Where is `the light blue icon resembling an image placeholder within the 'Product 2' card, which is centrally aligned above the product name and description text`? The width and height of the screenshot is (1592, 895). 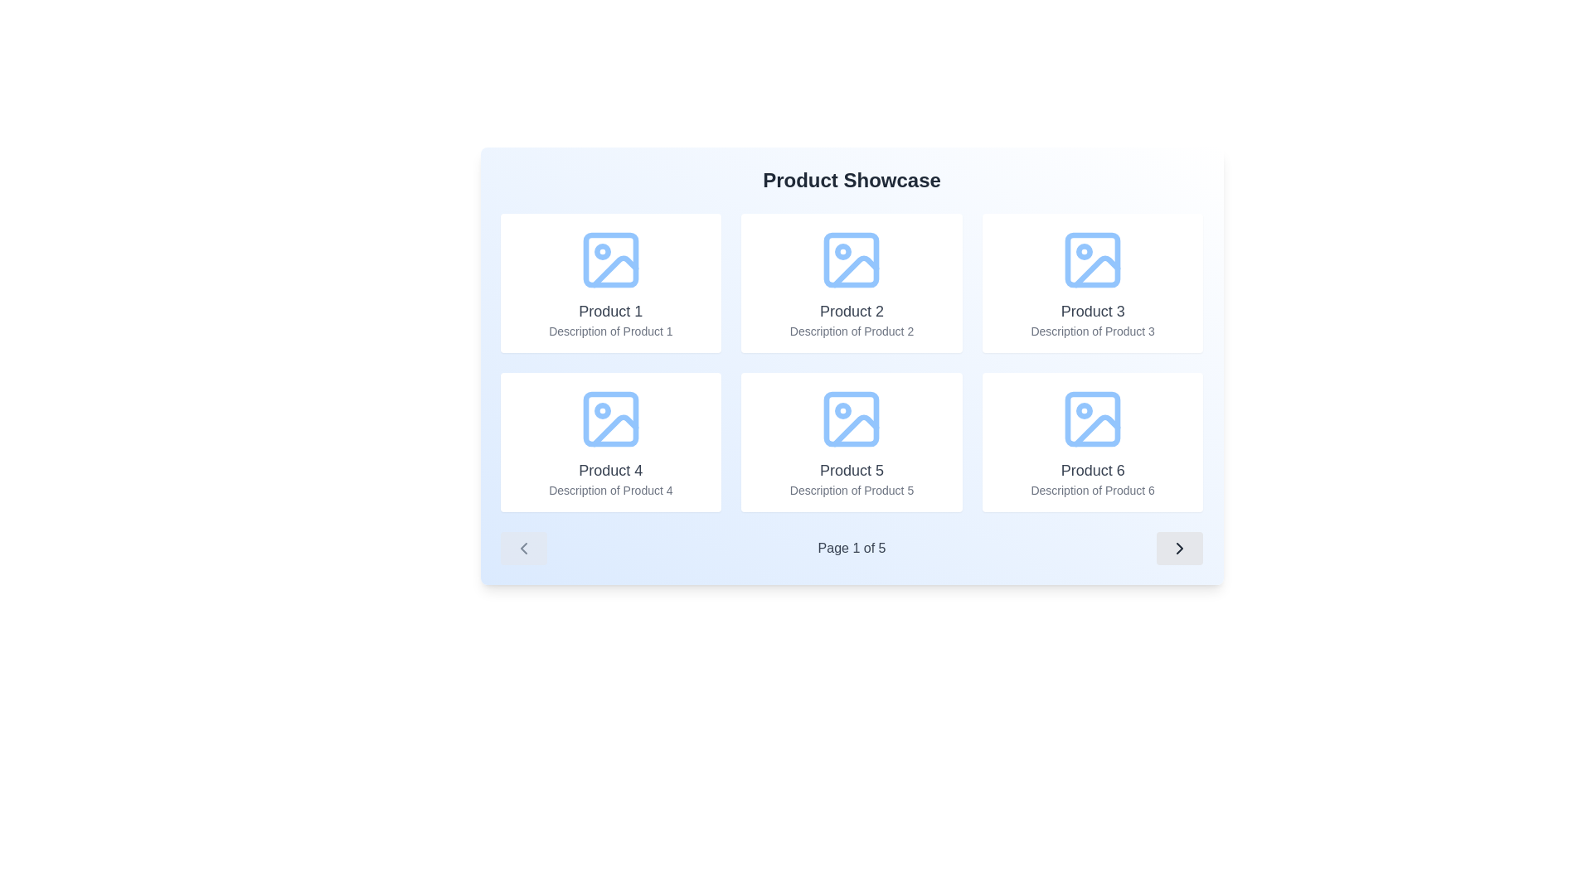
the light blue icon resembling an image placeholder within the 'Product 2' card, which is centrally aligned above the product name and description text is located at coordinates (852, 259).